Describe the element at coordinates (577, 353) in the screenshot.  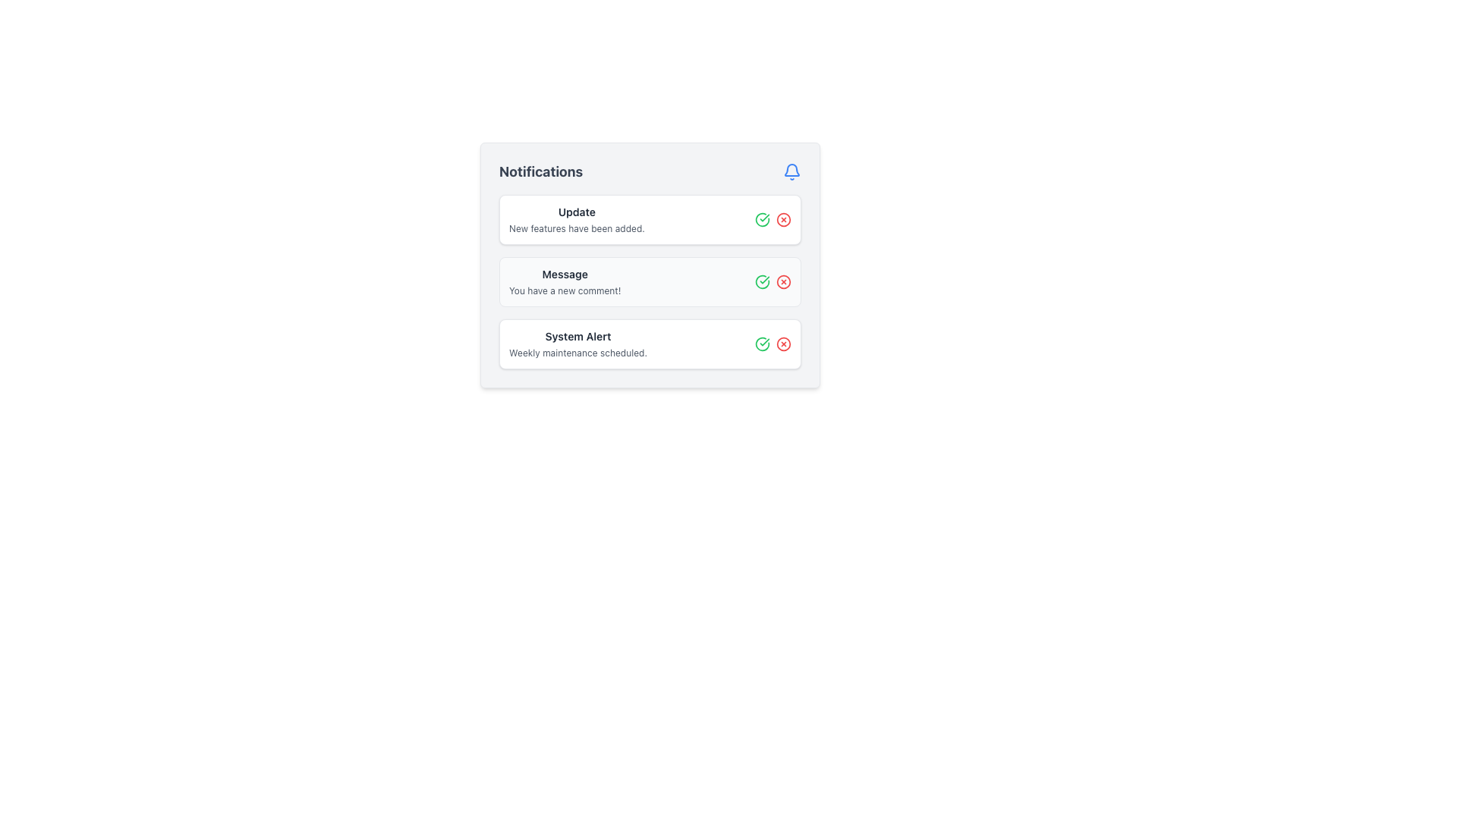
I see `text label providing additional description about the 'System Alert' notification located directly below the bold header on the third notification card in the notification panel` at that location.